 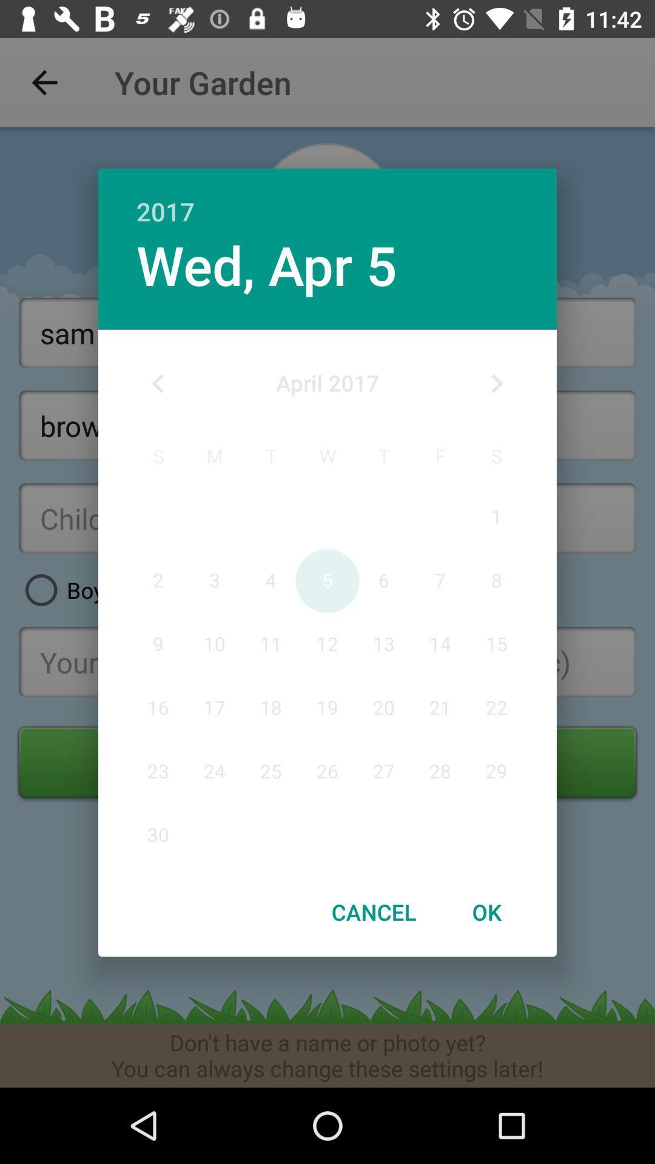 I want to click on icon at the top right corner, so click(x=496, y=383).